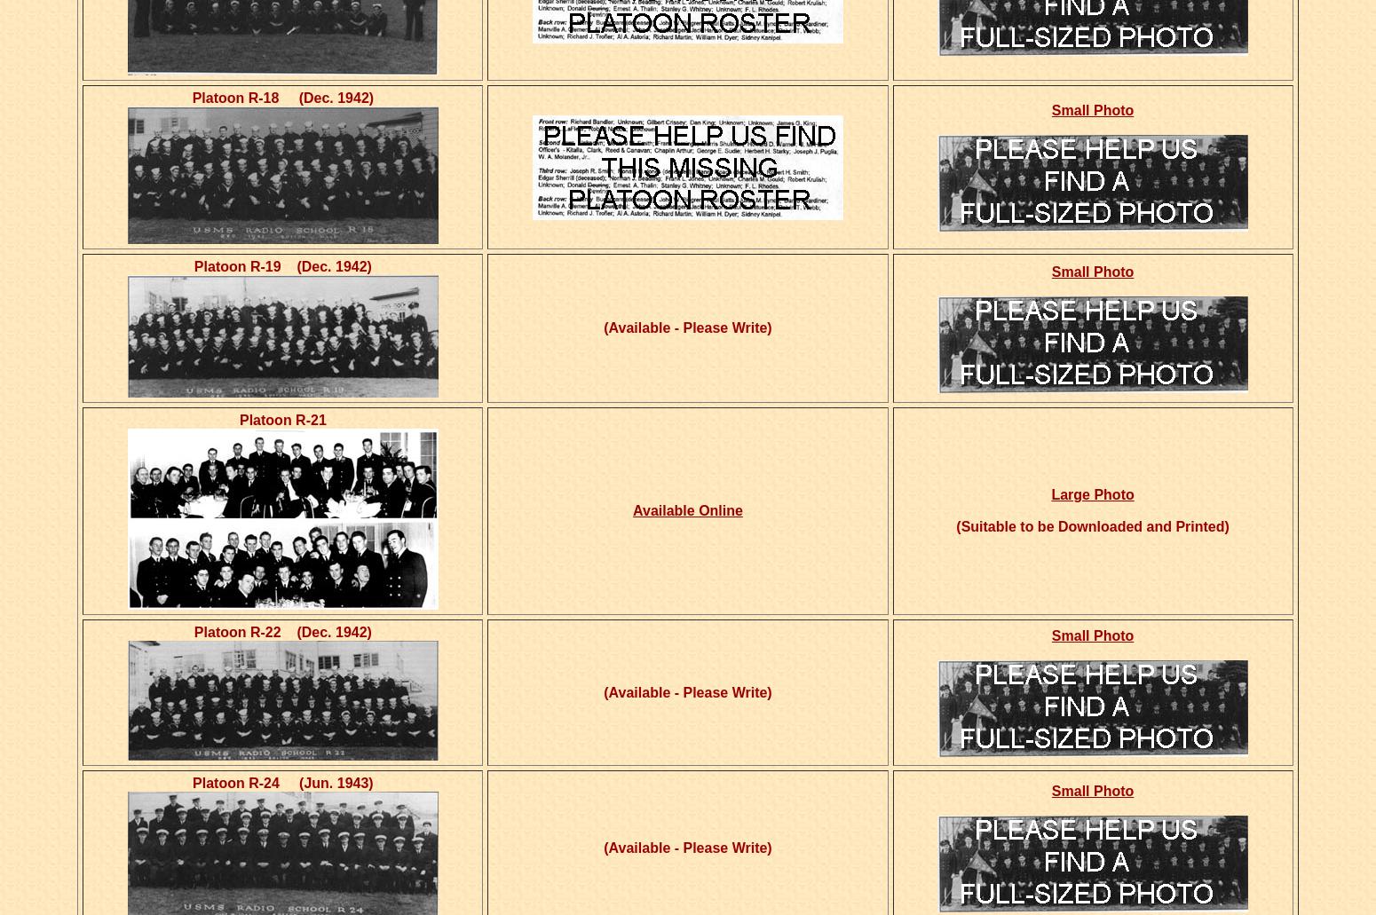 Image resolution: width=1376 pixels, height=915 pixels. What do you see at coordinates (687, 509) in the screenshot?
I see `'Available Online'` at bounding box center [687, 509].